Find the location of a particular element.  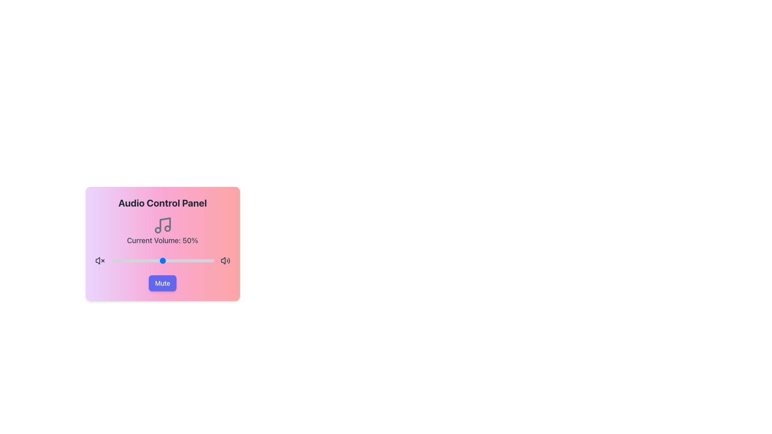

the small decorative graphic resembling a dot, which is part of the musical note icon located at the bottom right of the 'Audio Control Panel' is located at coordinates (167, 229).